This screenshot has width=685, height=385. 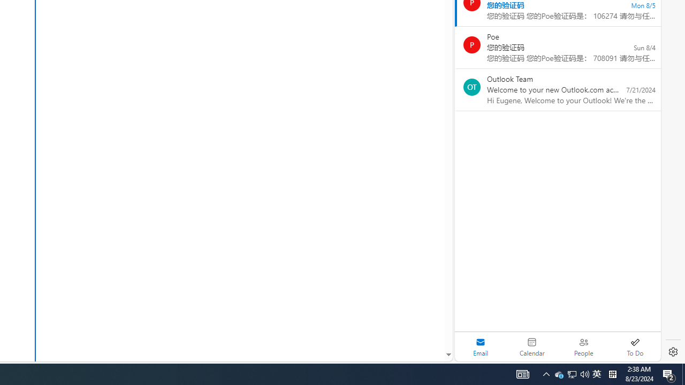 I want to click on 'To Do', so click(x=635, y=346).